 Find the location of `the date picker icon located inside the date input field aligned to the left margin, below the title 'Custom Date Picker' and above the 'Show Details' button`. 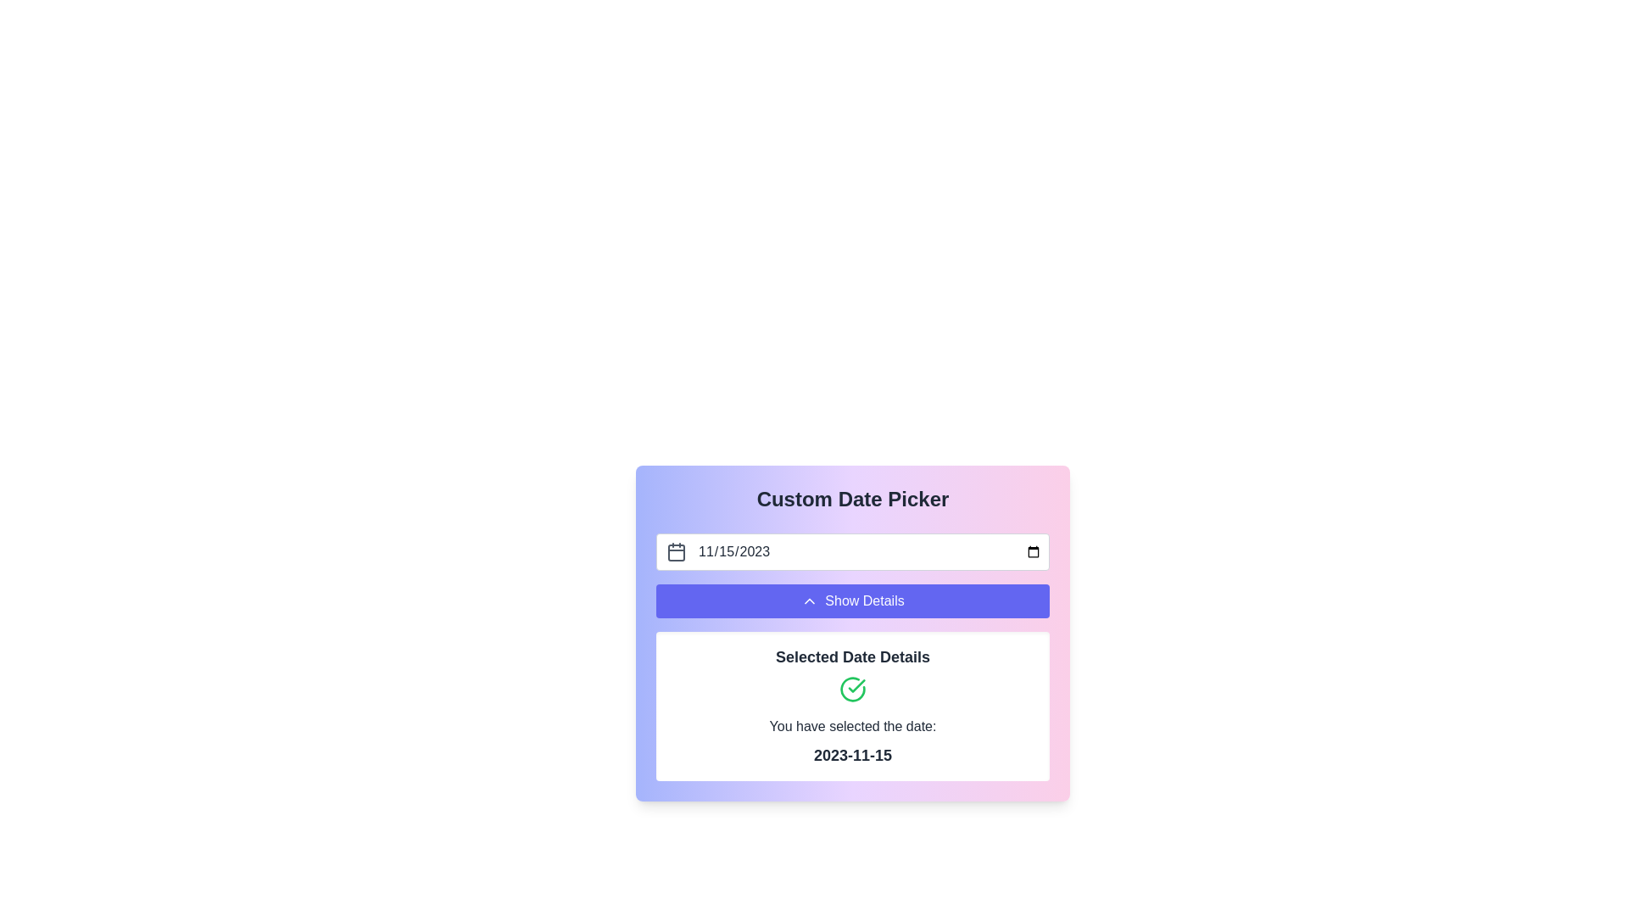

the date picker icon located inside the date input field aligned to the left margin, below the title 'Custom Date Picker' and above the 'Show Details' button is located at coordinates (675, 552).